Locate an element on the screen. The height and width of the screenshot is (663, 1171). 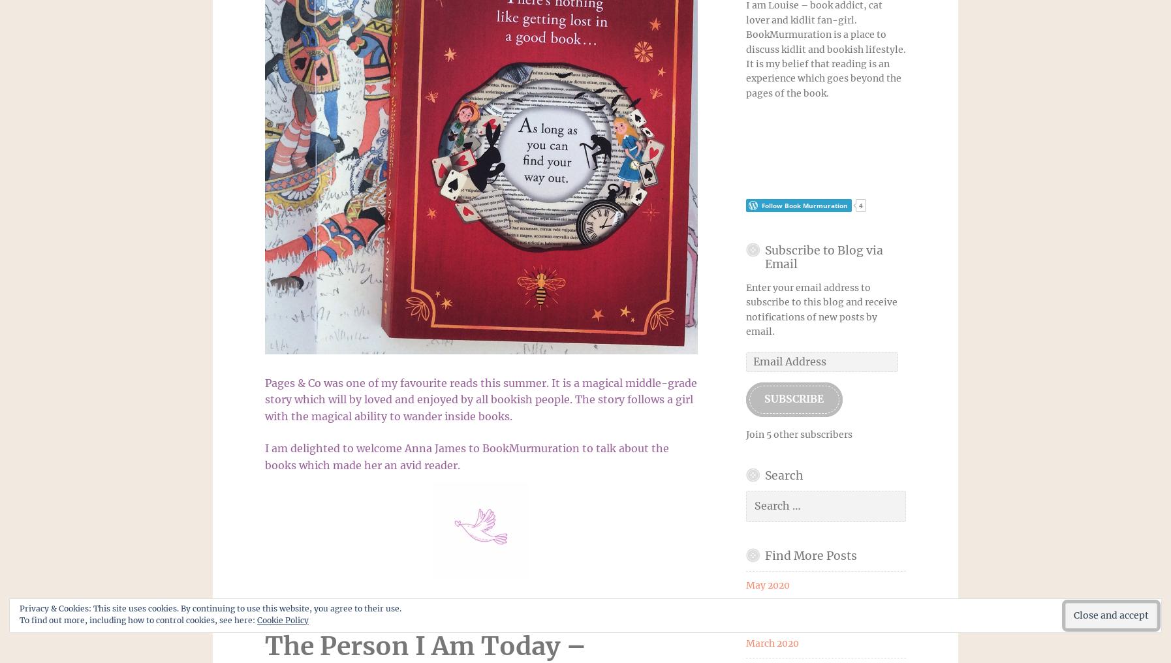
'April 2020' is located at coordinates (768, 613).